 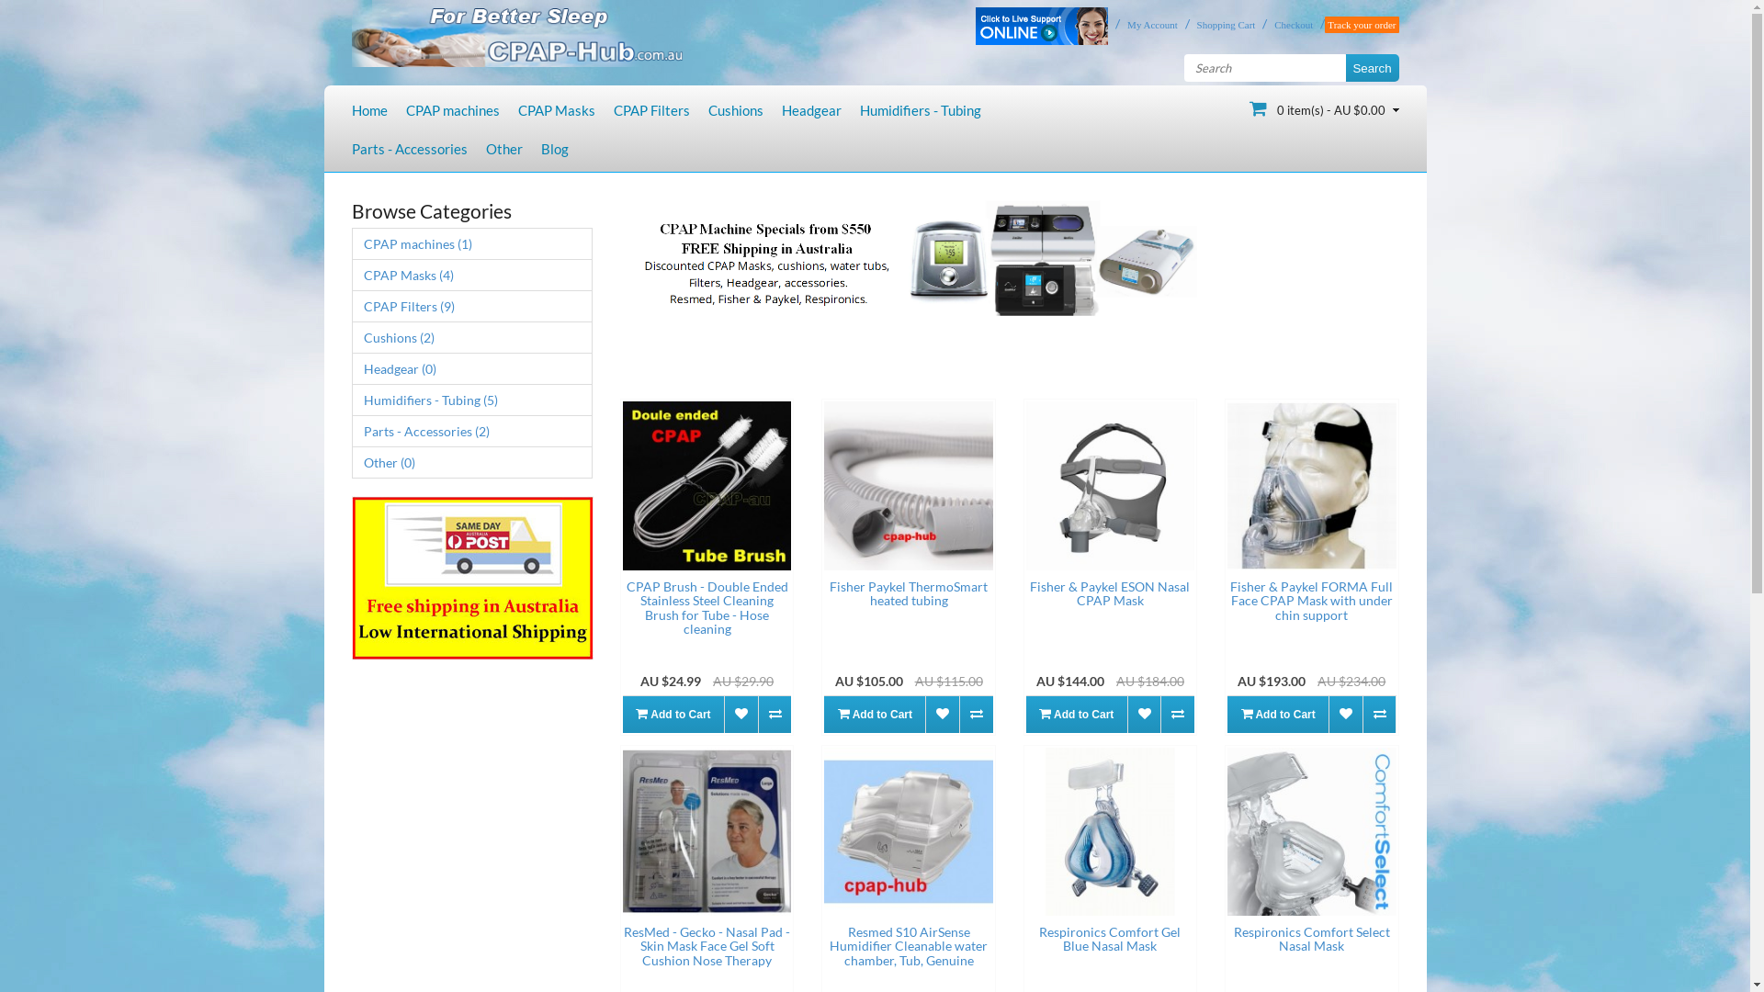 What do you see at coordinates (471, 305) in the screenshot?
I see `'CPAP Filters (9)'` at bounding box center [471, 305].